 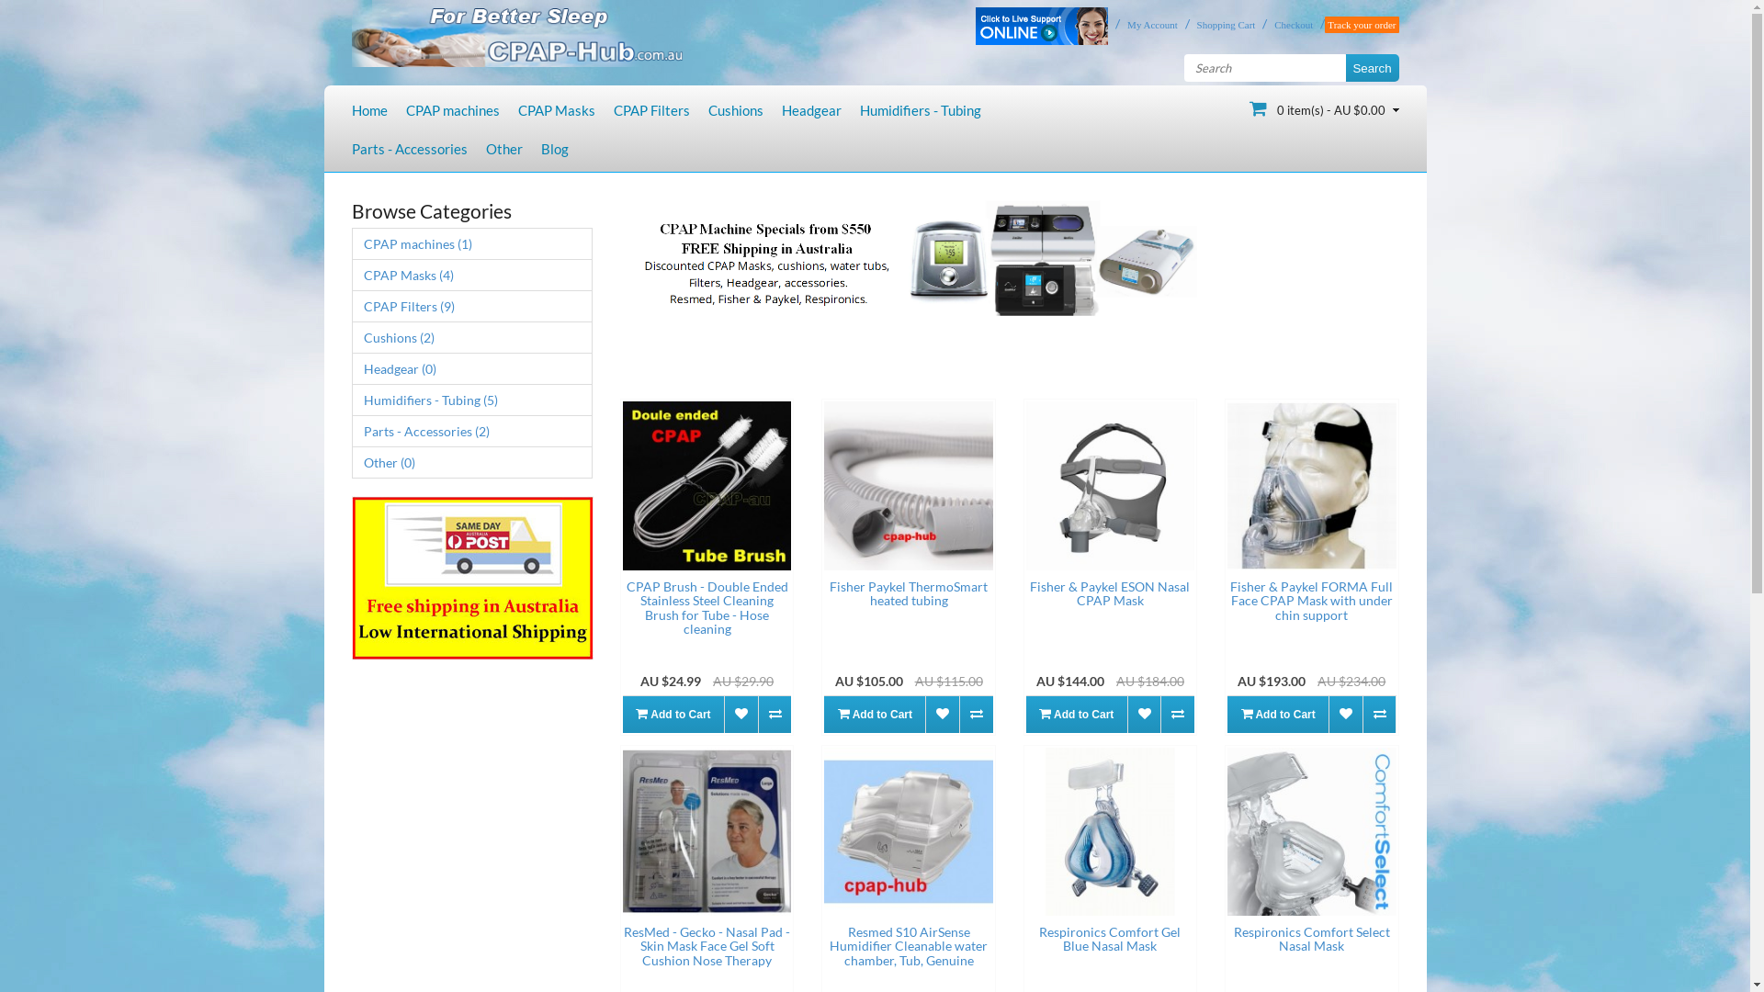 What do you see at coordinates (471, 305) in the screenshot?
I see `'CPAP Filters (9)'` at bounding box center [471, 305].